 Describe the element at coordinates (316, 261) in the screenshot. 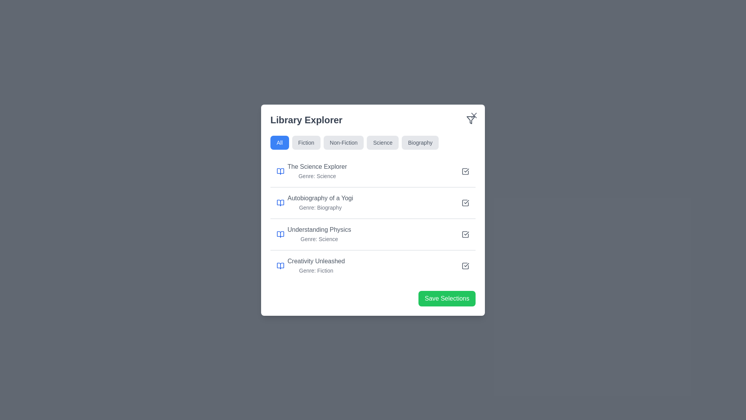

I see `text of the title label located in the fourth item of the 'Library Explorer' panel, positioned above the 'Genre: Fiction' text` at that location.